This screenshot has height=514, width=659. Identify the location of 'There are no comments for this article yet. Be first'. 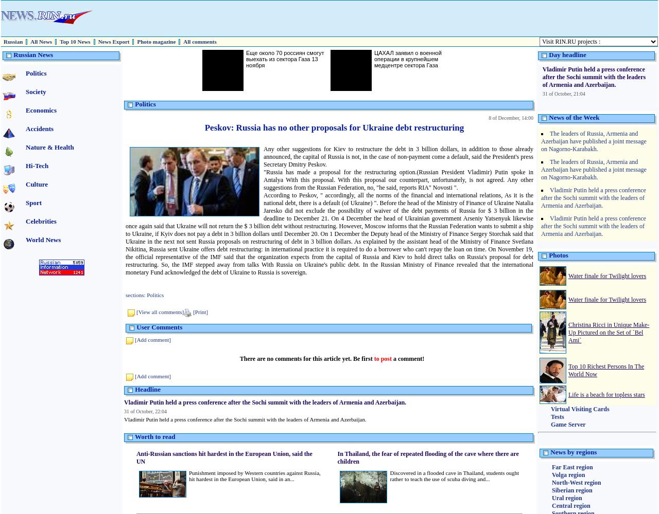
(306, 358).